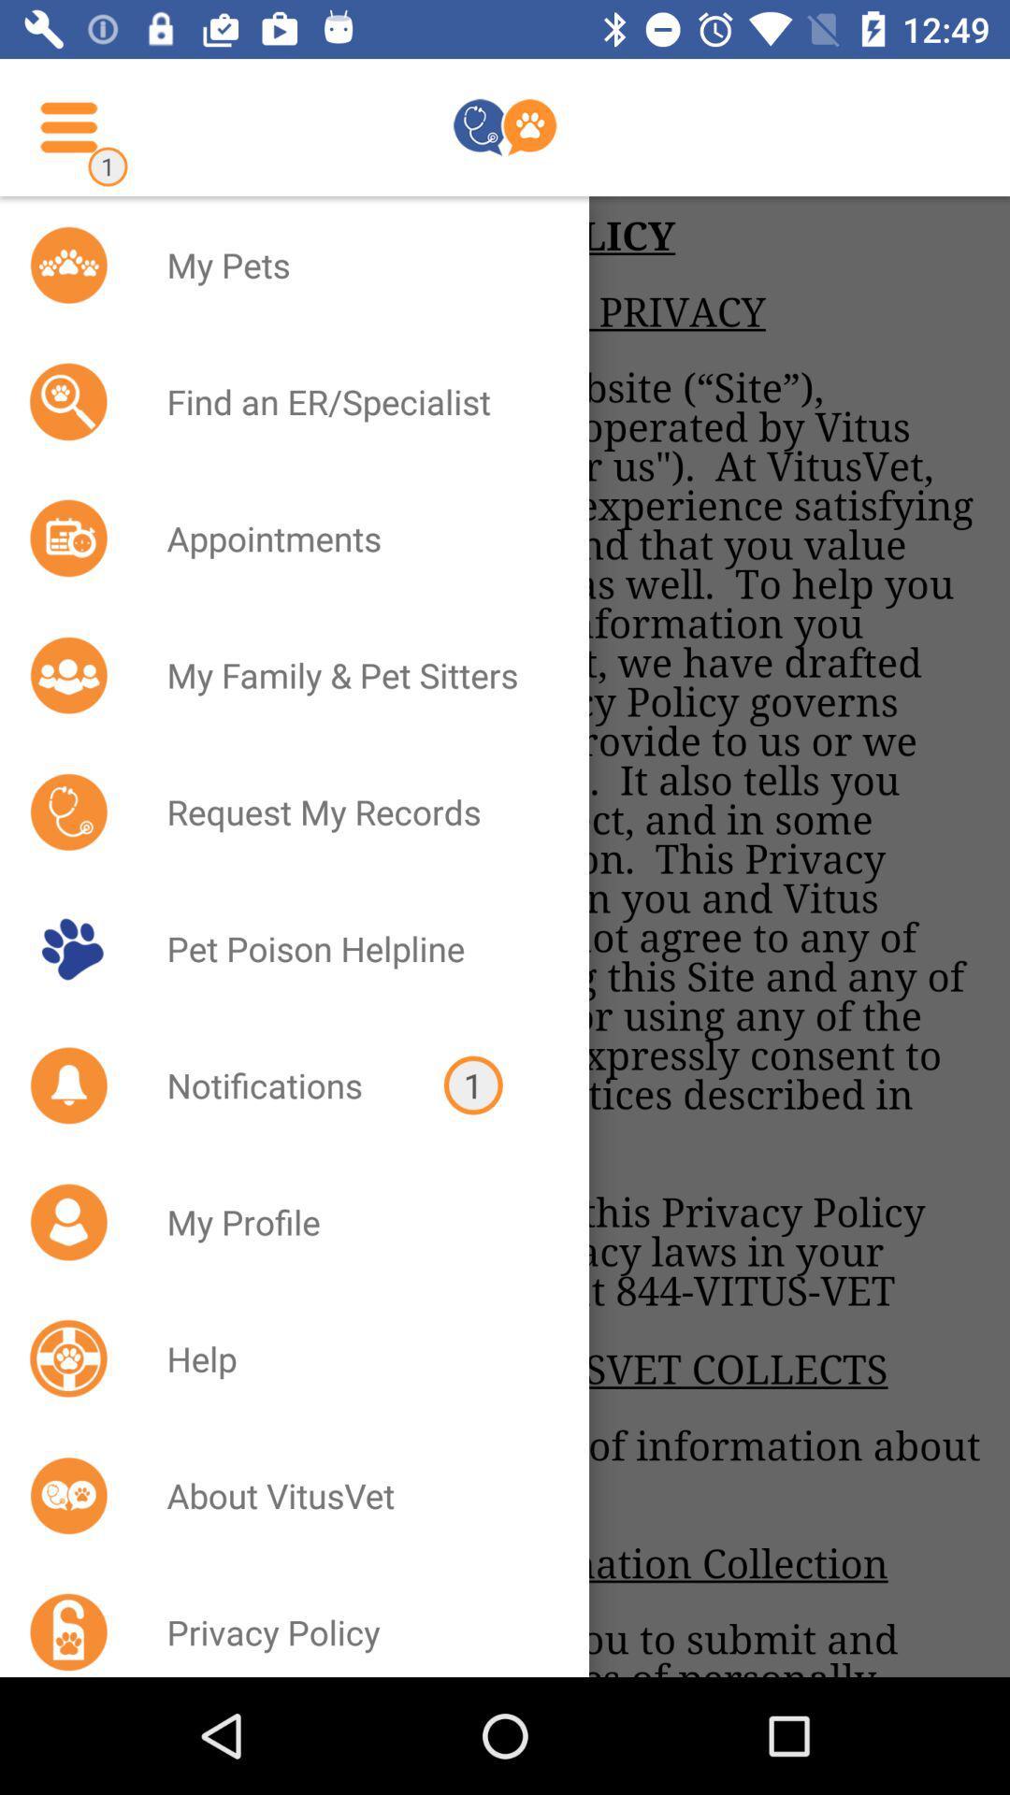 The width and height of the screenshot is (1010, 1795). I want to click on item above the my profile item, so click(472, 1085).